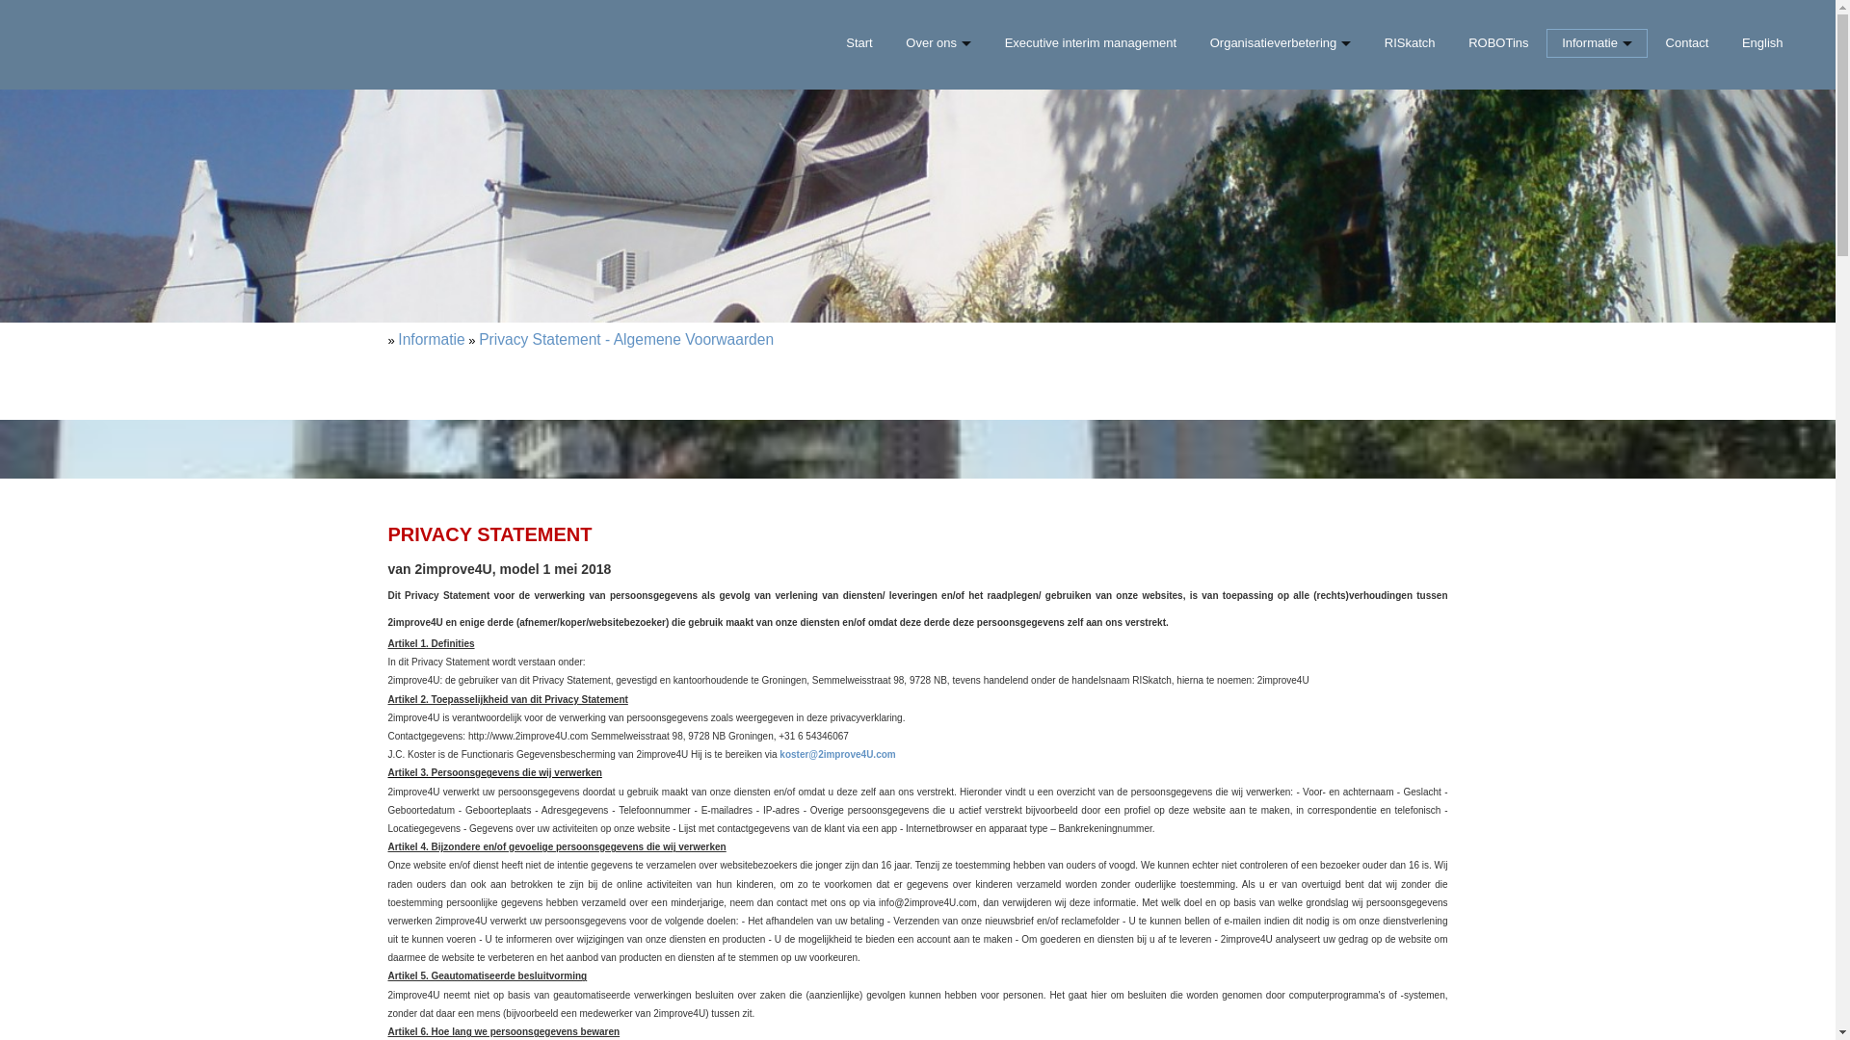 The height and width of the screenshot is (1040, 1850). I want to click on 'Contact', so click(1685, 43).